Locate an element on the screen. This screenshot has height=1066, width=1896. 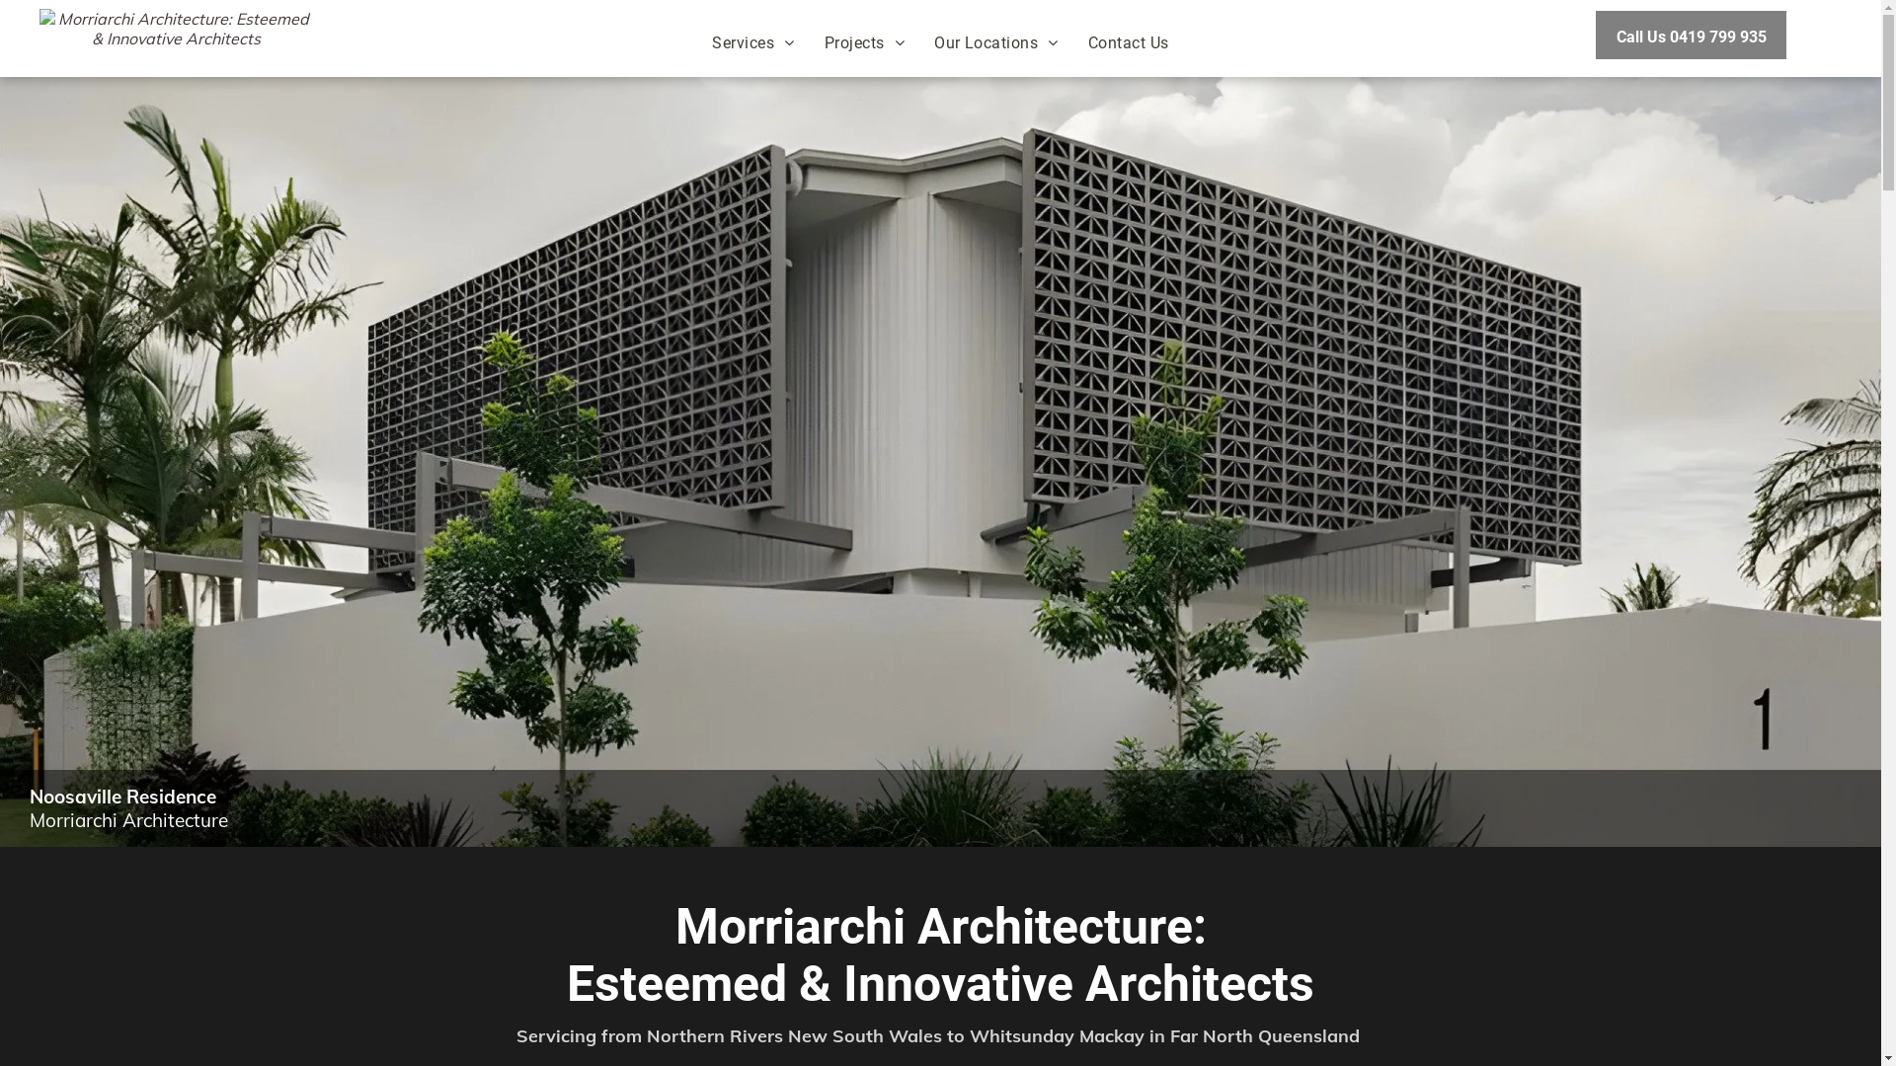
'Morriarchi Architecture: Esteemed & Innovative Architects' is located at coordinates (176, 35).